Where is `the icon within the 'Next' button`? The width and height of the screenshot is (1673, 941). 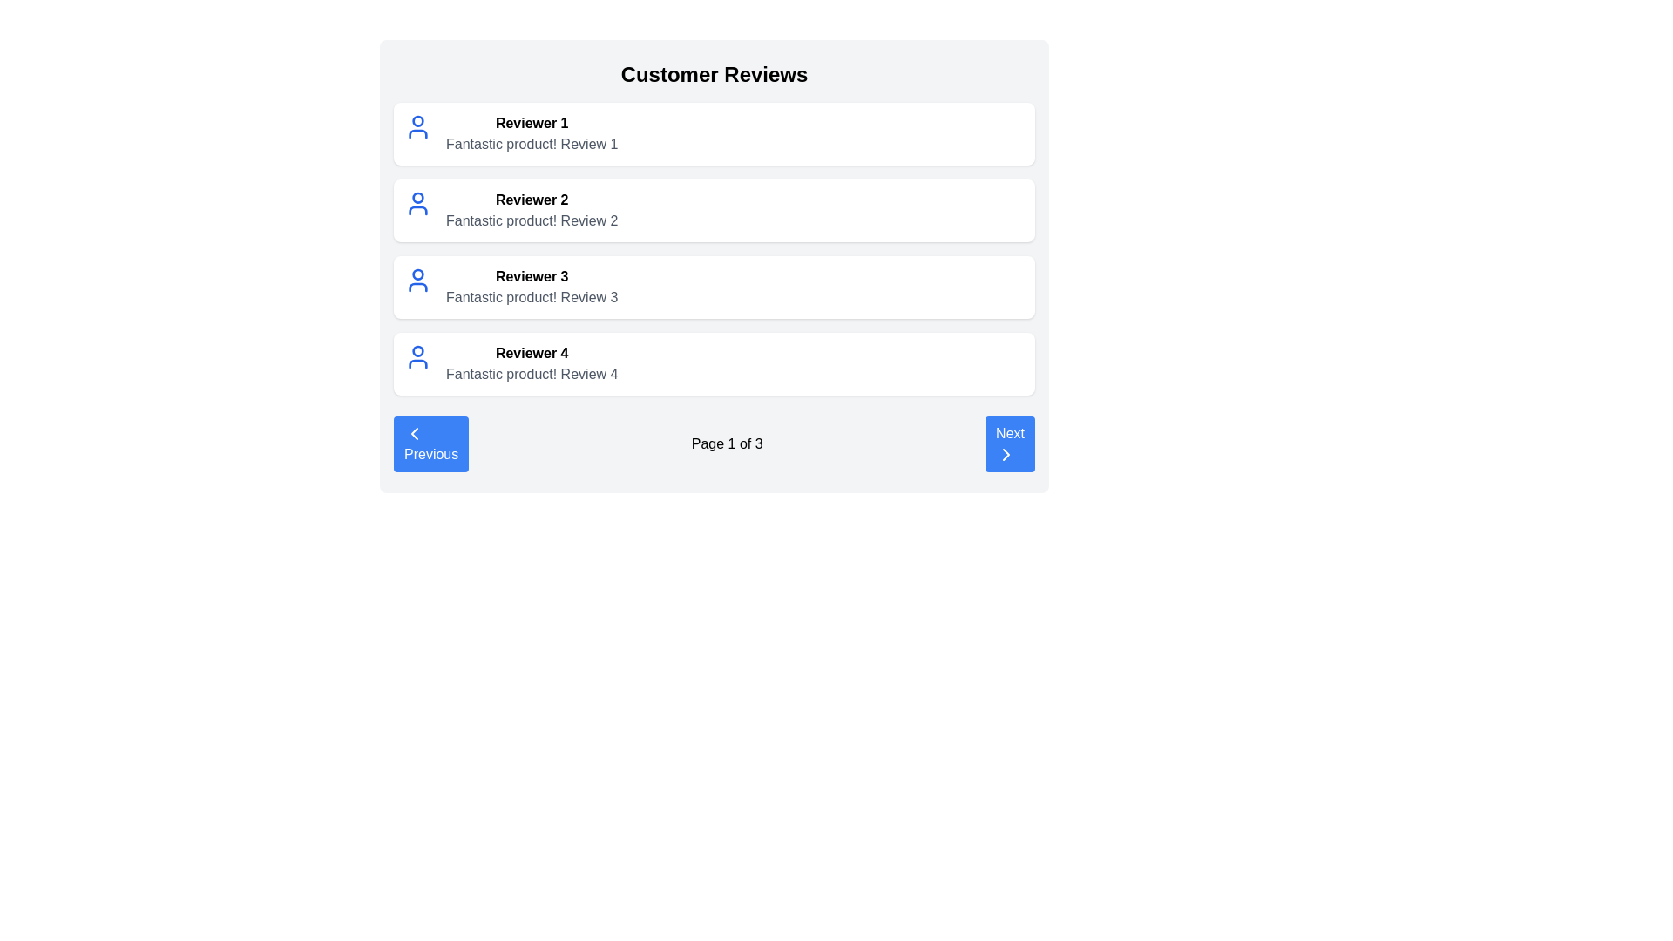
the icon within the 'Next' button is located at coordinates (1006, 453).